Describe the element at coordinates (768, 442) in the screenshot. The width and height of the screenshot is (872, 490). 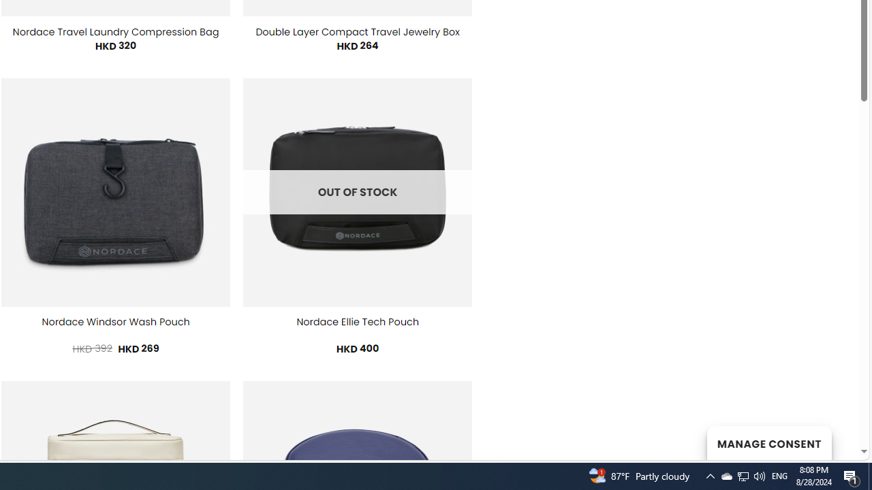
I see `'MANAGE CONSENT'` at that location.